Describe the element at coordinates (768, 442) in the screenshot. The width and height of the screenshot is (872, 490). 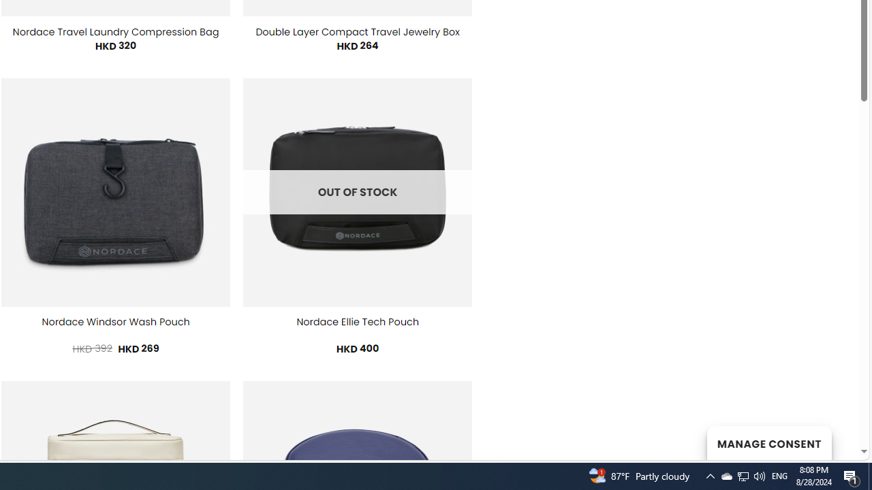
I see `'MANAGE CONSENT'` at that location.